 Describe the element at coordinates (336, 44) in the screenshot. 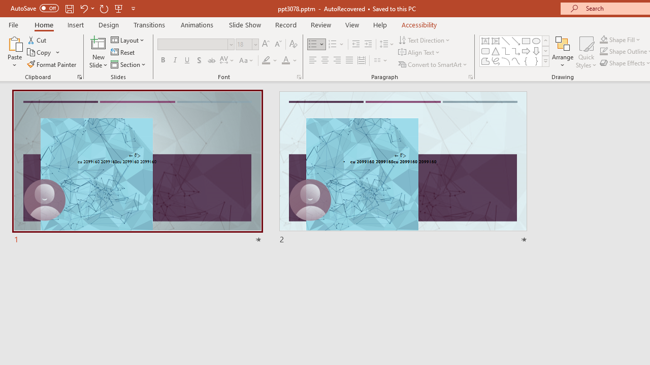

I see `'Numbering'` at that location.